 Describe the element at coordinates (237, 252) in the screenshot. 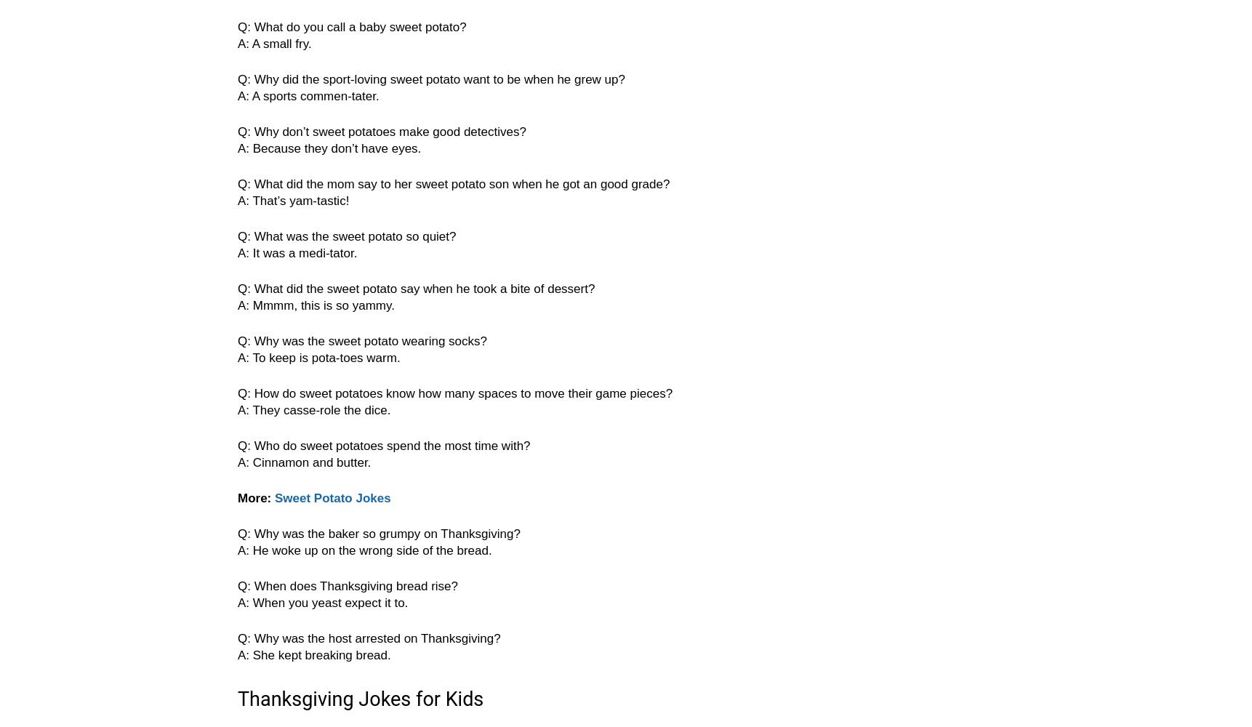

I see `'A: It was a medi-tator.'` at that location.